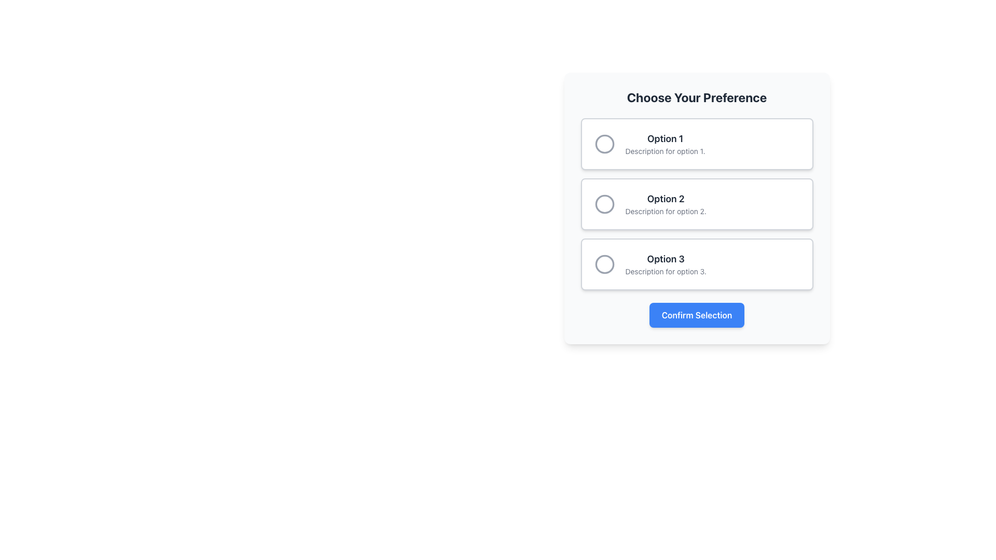 Image resolution: width=996 pixels, height=560 pixels. Describe the element at coordinates (666, 199) in the screenshot. I see `the text label that serves as the title for the second selectable option in the preference list, positioned between 'Option 1' and 'Option 3'` at that location.